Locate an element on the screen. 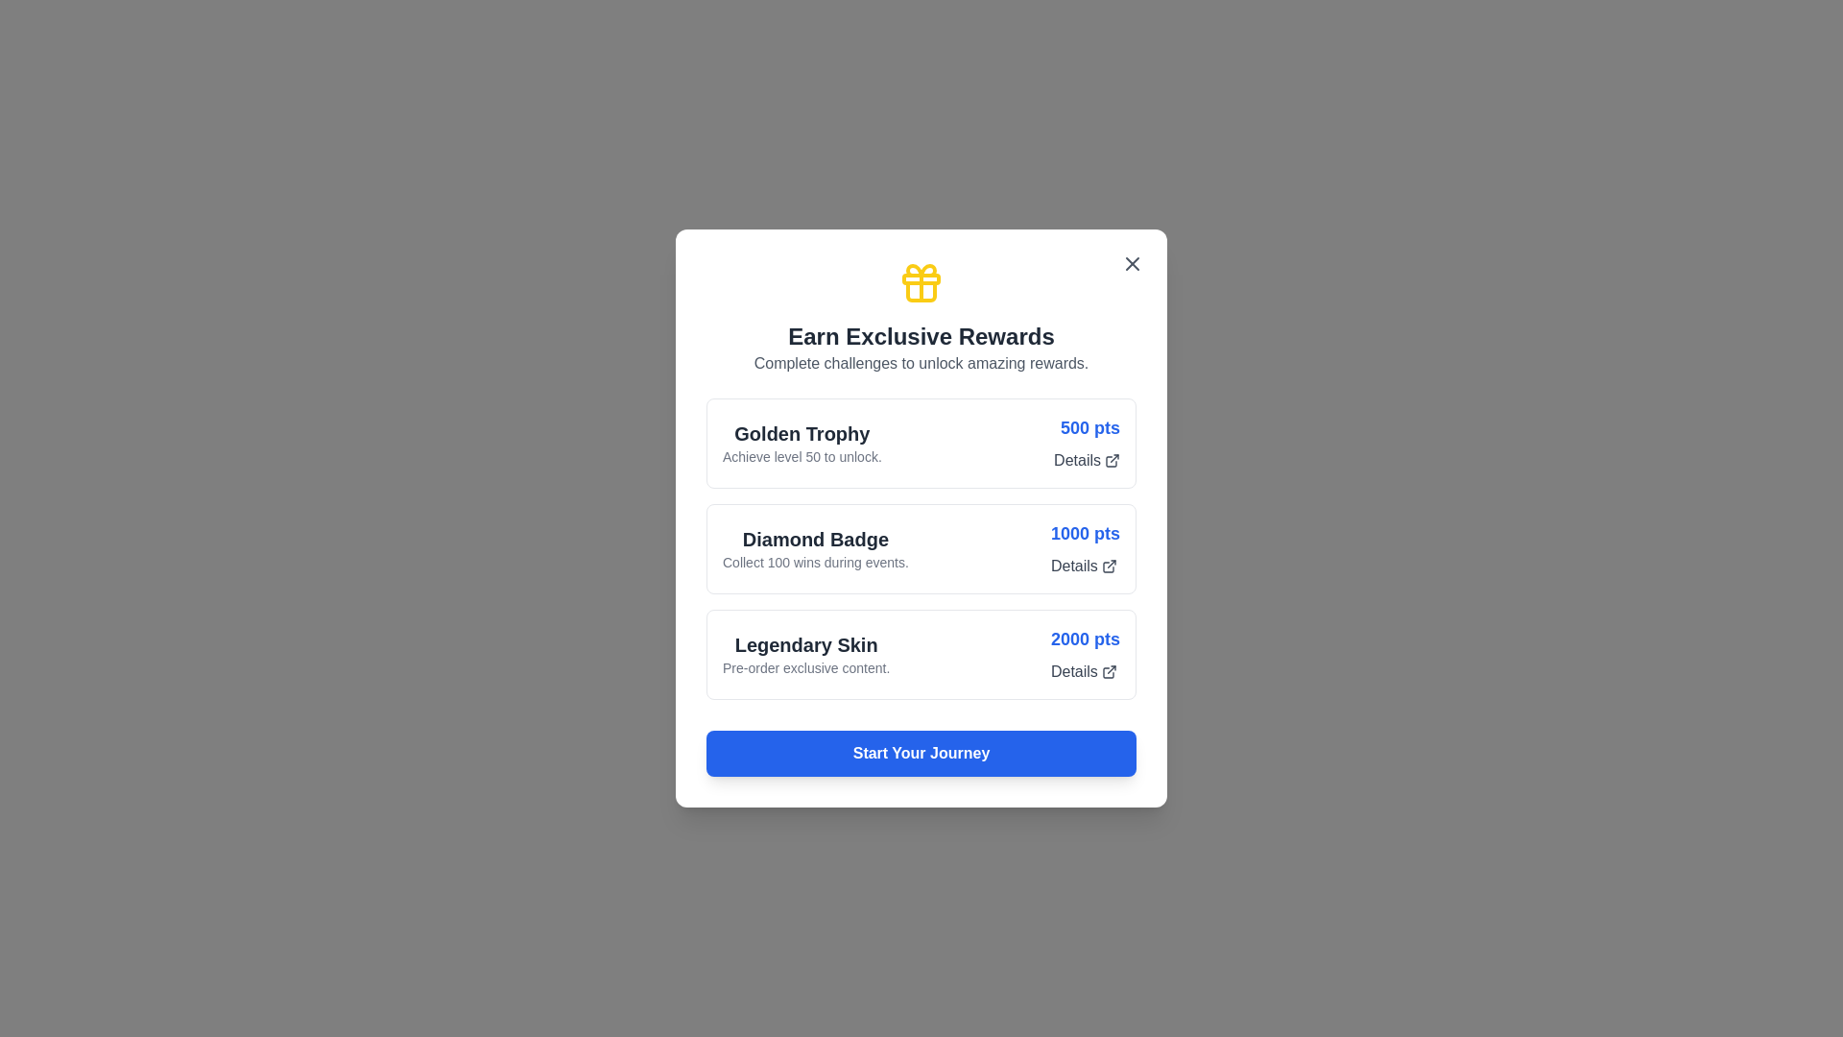 This screenshot has height=1037, width=1843. the 'Details' text link associated with the reward 'Legendary Skin' to underline it is located at coordinates (1086, 654).